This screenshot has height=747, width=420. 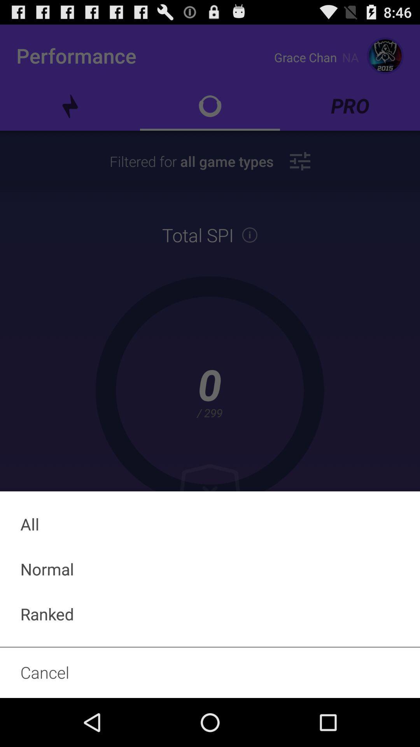 What do you see at coordinates (210, 524) in the screenshot?
I see `the all icon` at bounding box center [210, 524].